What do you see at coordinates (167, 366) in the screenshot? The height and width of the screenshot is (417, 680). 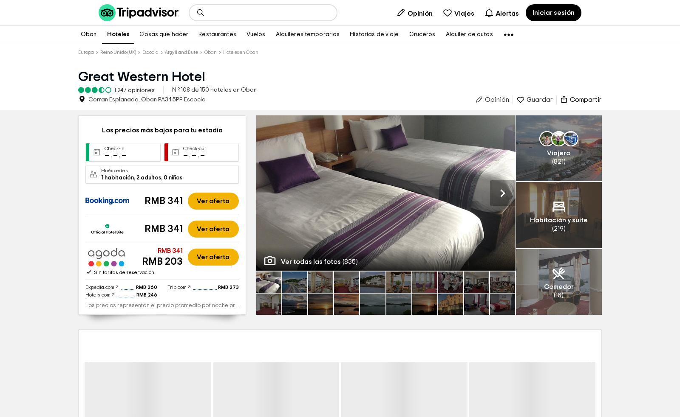 I see `'Trip.com'` at bounding box center [167, 366].